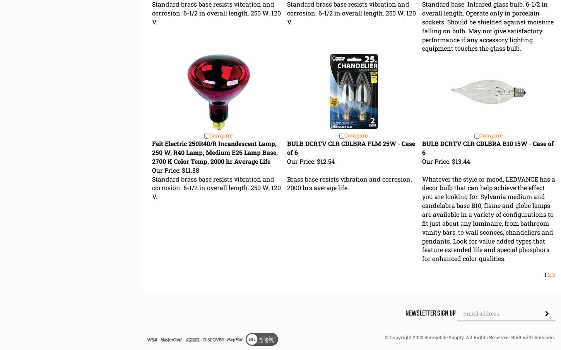  Describe the element at coordinates (444, 337) in the screenshot. I see `'SunnySide Supply.'` at that location.